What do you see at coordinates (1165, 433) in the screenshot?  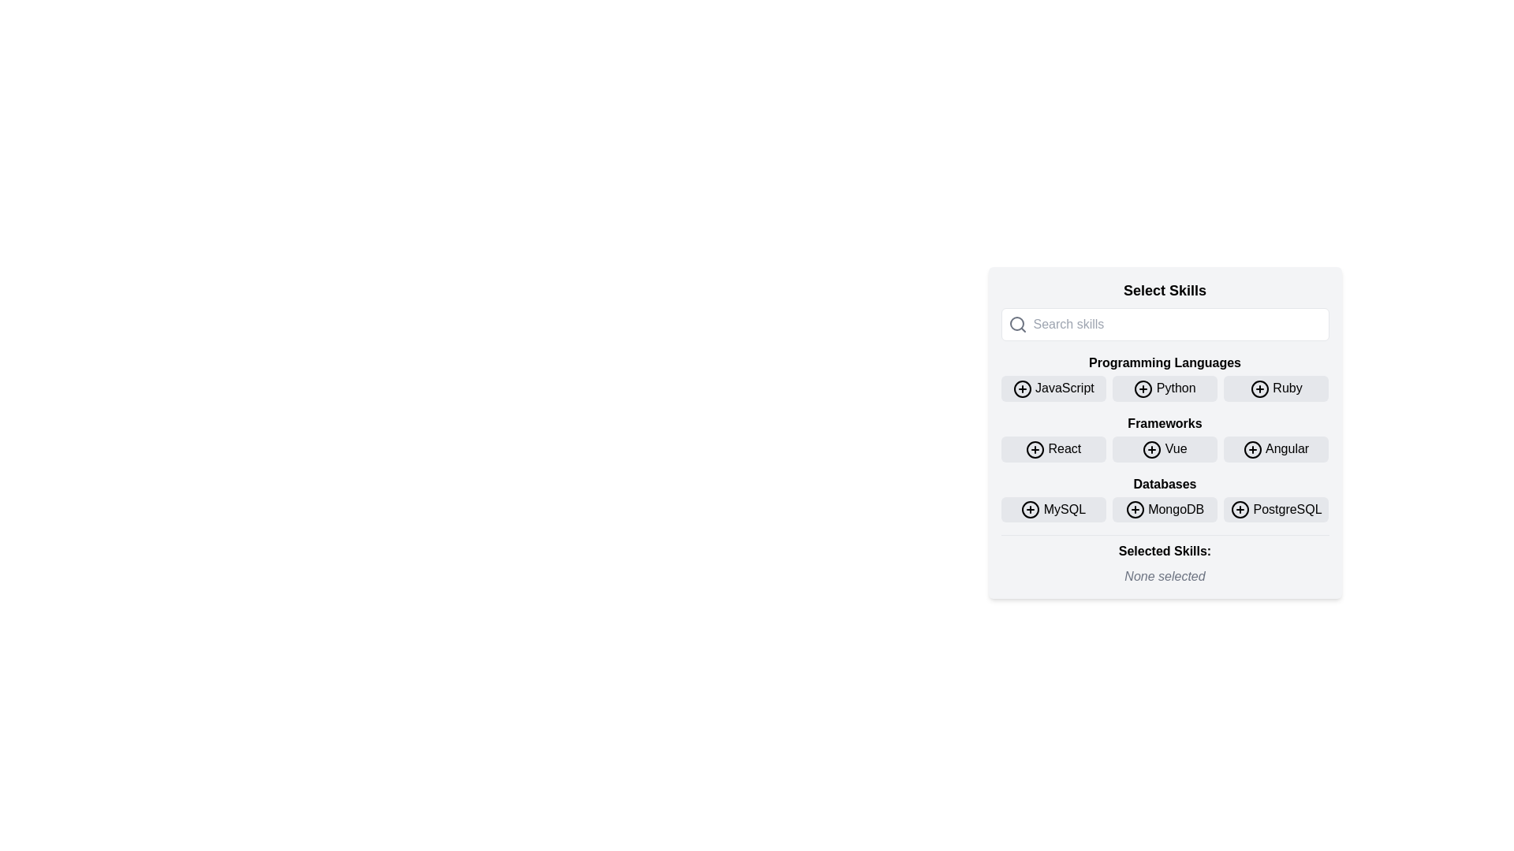 I see `the interactive button component` at bounding box center [1165, 433].